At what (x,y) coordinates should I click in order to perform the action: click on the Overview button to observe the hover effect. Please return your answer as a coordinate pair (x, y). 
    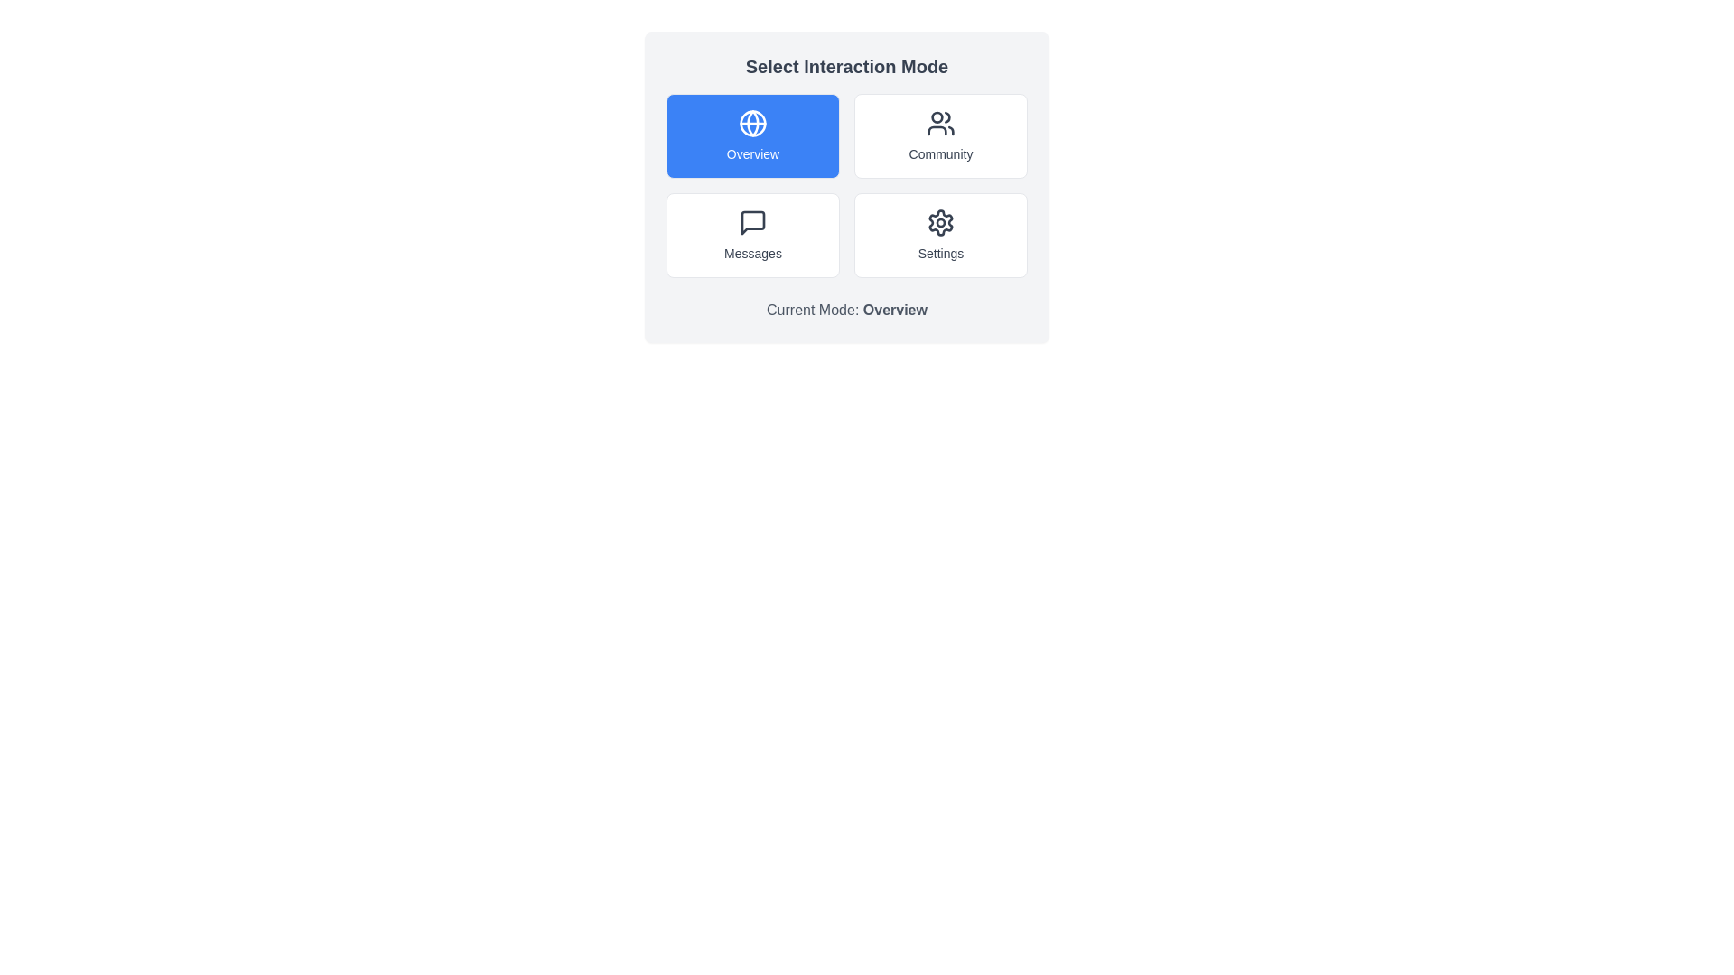
    Looking at the image, I should click on (753, 135).